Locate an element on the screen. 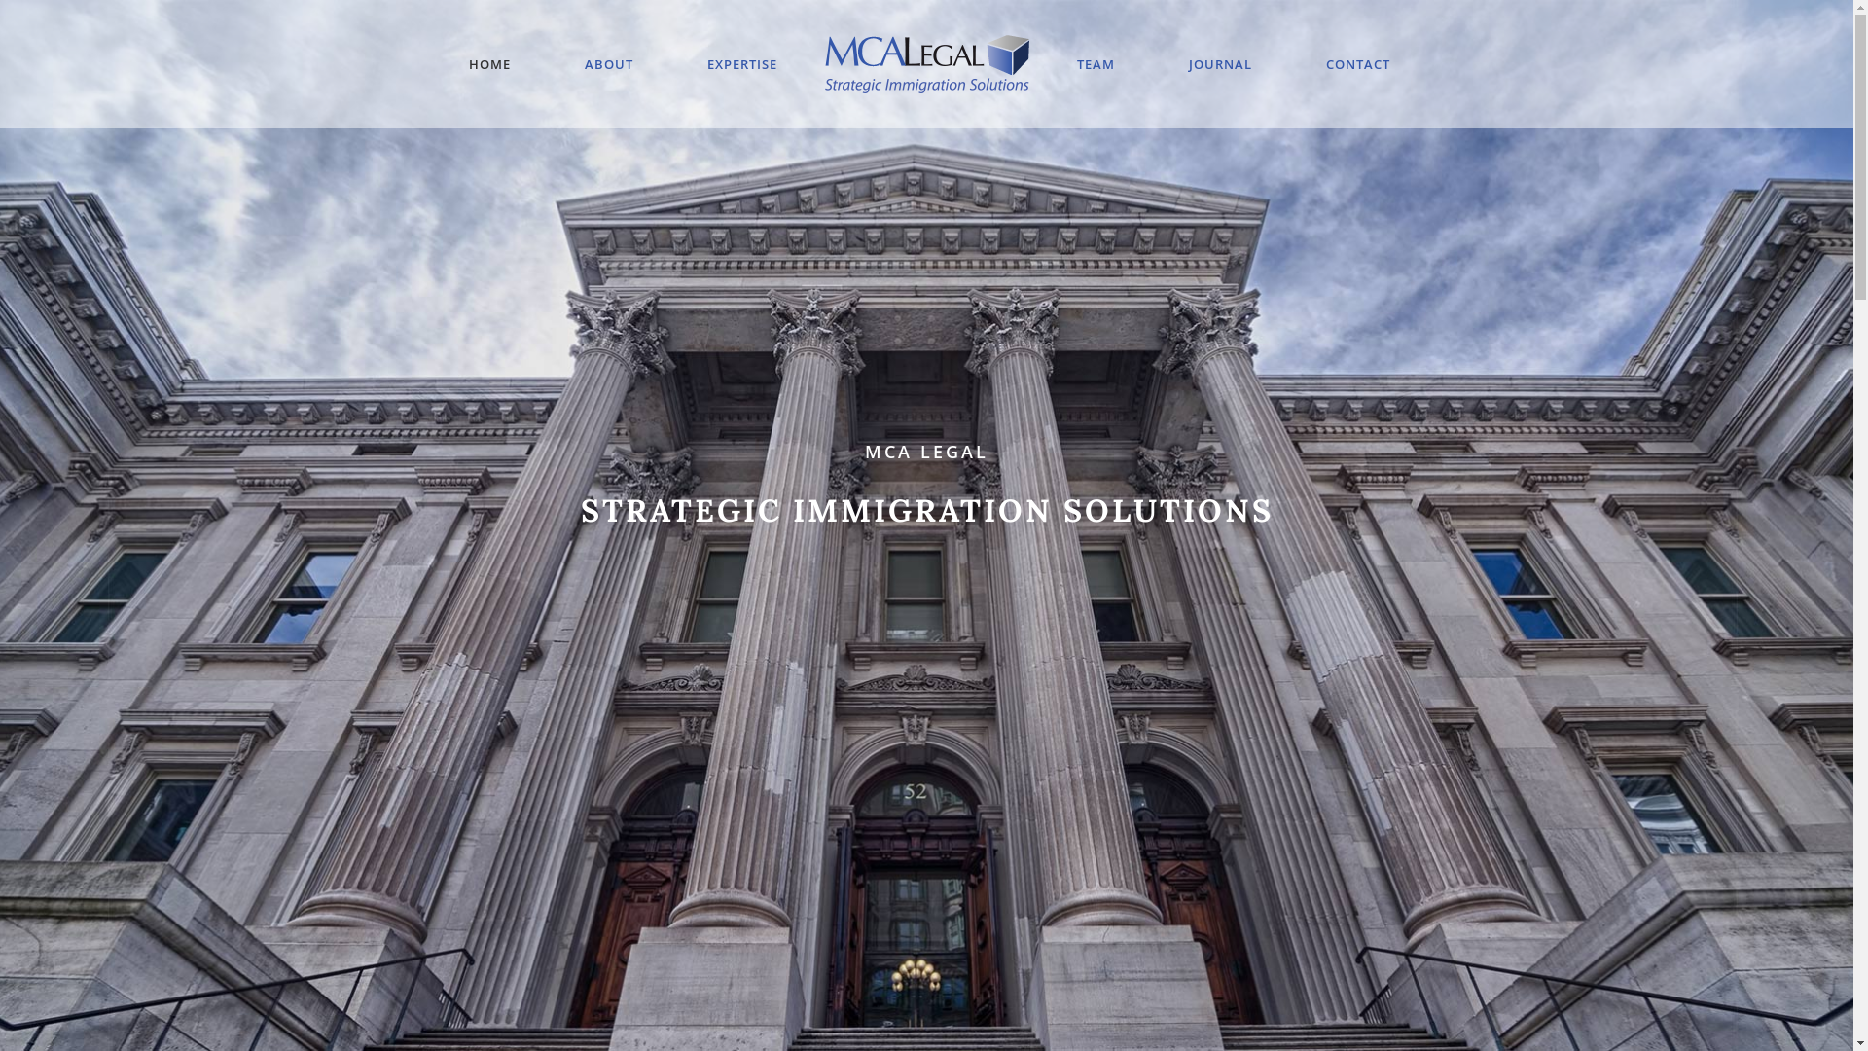 The height and width of the screenshot is (1051, 1868). 'JOURNAL' is located at coordinates (1152, 62).